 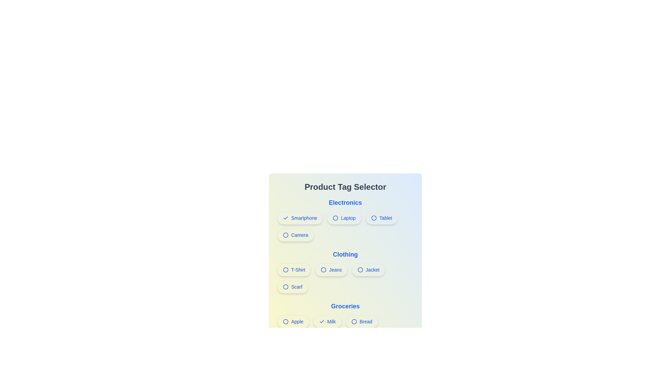 I want to click on the 'Laptop' radio button with a blue border and text, so click(x=344, y=218).